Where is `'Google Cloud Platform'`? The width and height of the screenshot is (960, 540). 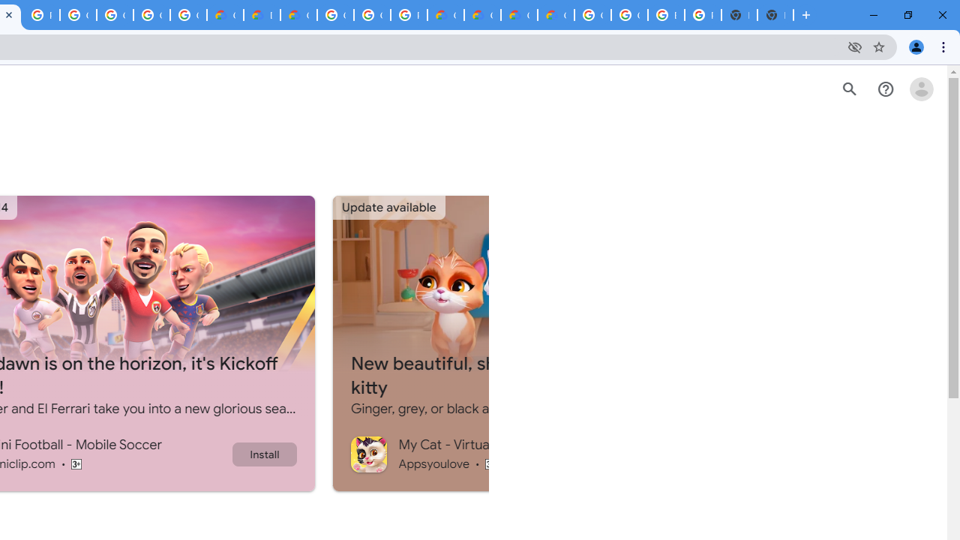
'Google Cloud Platform' is located at coordinates (334, 15).